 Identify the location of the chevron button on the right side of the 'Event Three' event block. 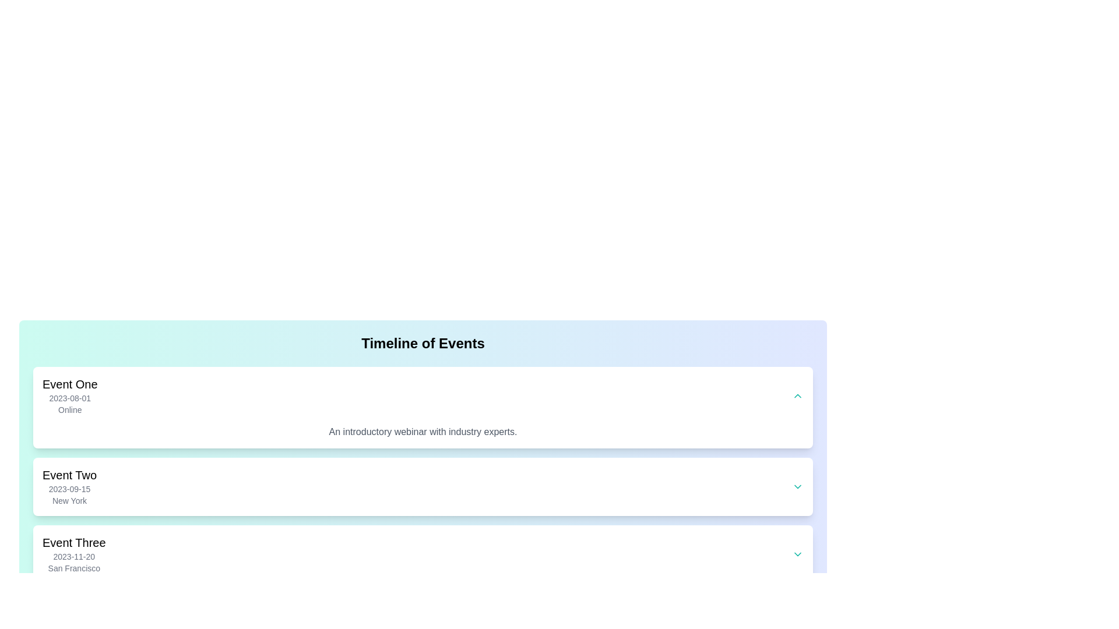
(797, 554).